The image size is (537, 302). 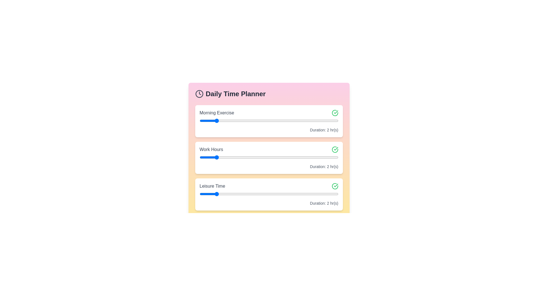 I want to click on the checkmark icon next to the task 'Leisure Time', so click(x=335, y=186).